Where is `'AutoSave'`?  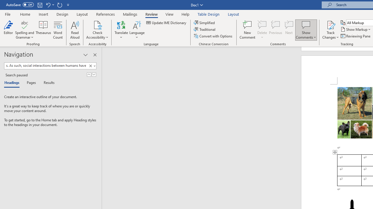
'AutoSave' is located at coordinates (20, 5).